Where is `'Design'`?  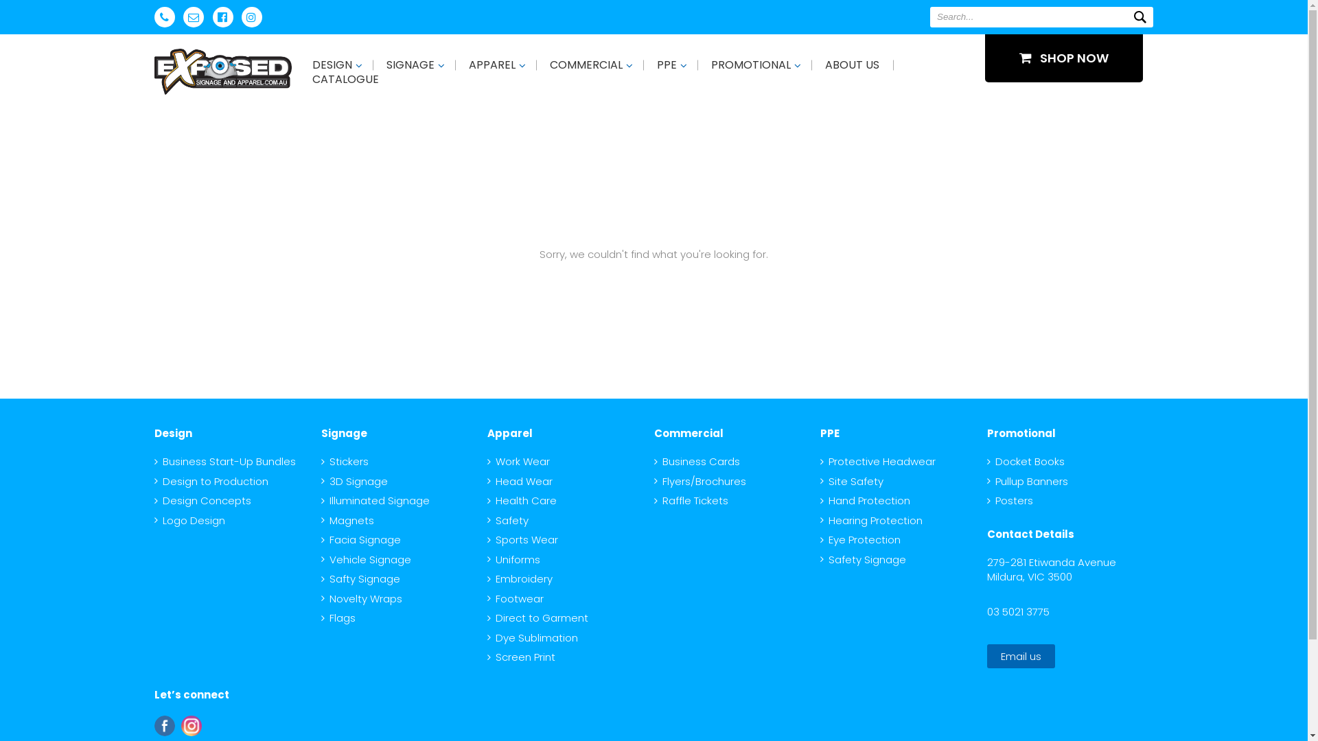
'Design' is located at coordinates (154, 433).